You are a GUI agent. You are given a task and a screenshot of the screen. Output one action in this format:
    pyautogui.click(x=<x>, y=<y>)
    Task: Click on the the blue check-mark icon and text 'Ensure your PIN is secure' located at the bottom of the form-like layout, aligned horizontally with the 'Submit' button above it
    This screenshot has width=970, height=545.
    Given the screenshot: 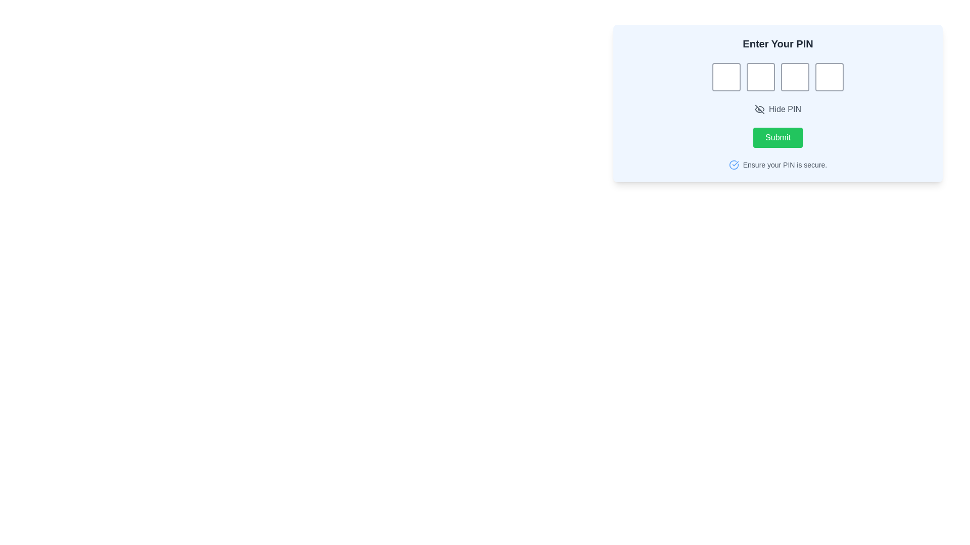 What is the action you would take?
    pyautogui.click(x=778, y=165)
    